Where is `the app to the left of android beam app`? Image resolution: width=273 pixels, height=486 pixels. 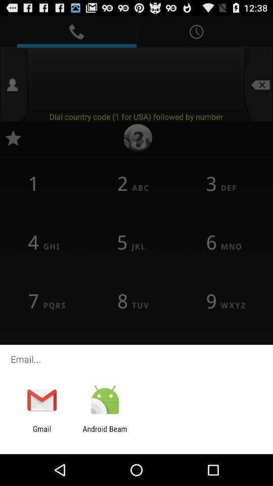 the app to the left of android beam app is located at coordinates (41, 433).